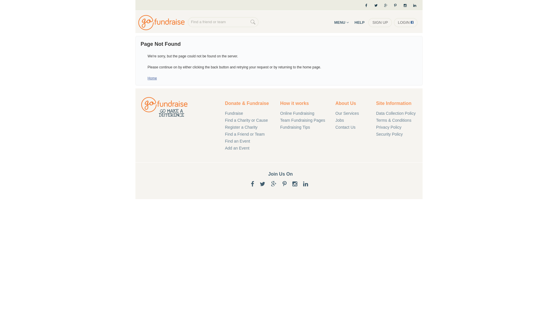  Describe the element at coordinates (248, 120) in the screenshot. I see `'Find a Charity or Cause'` at that location.